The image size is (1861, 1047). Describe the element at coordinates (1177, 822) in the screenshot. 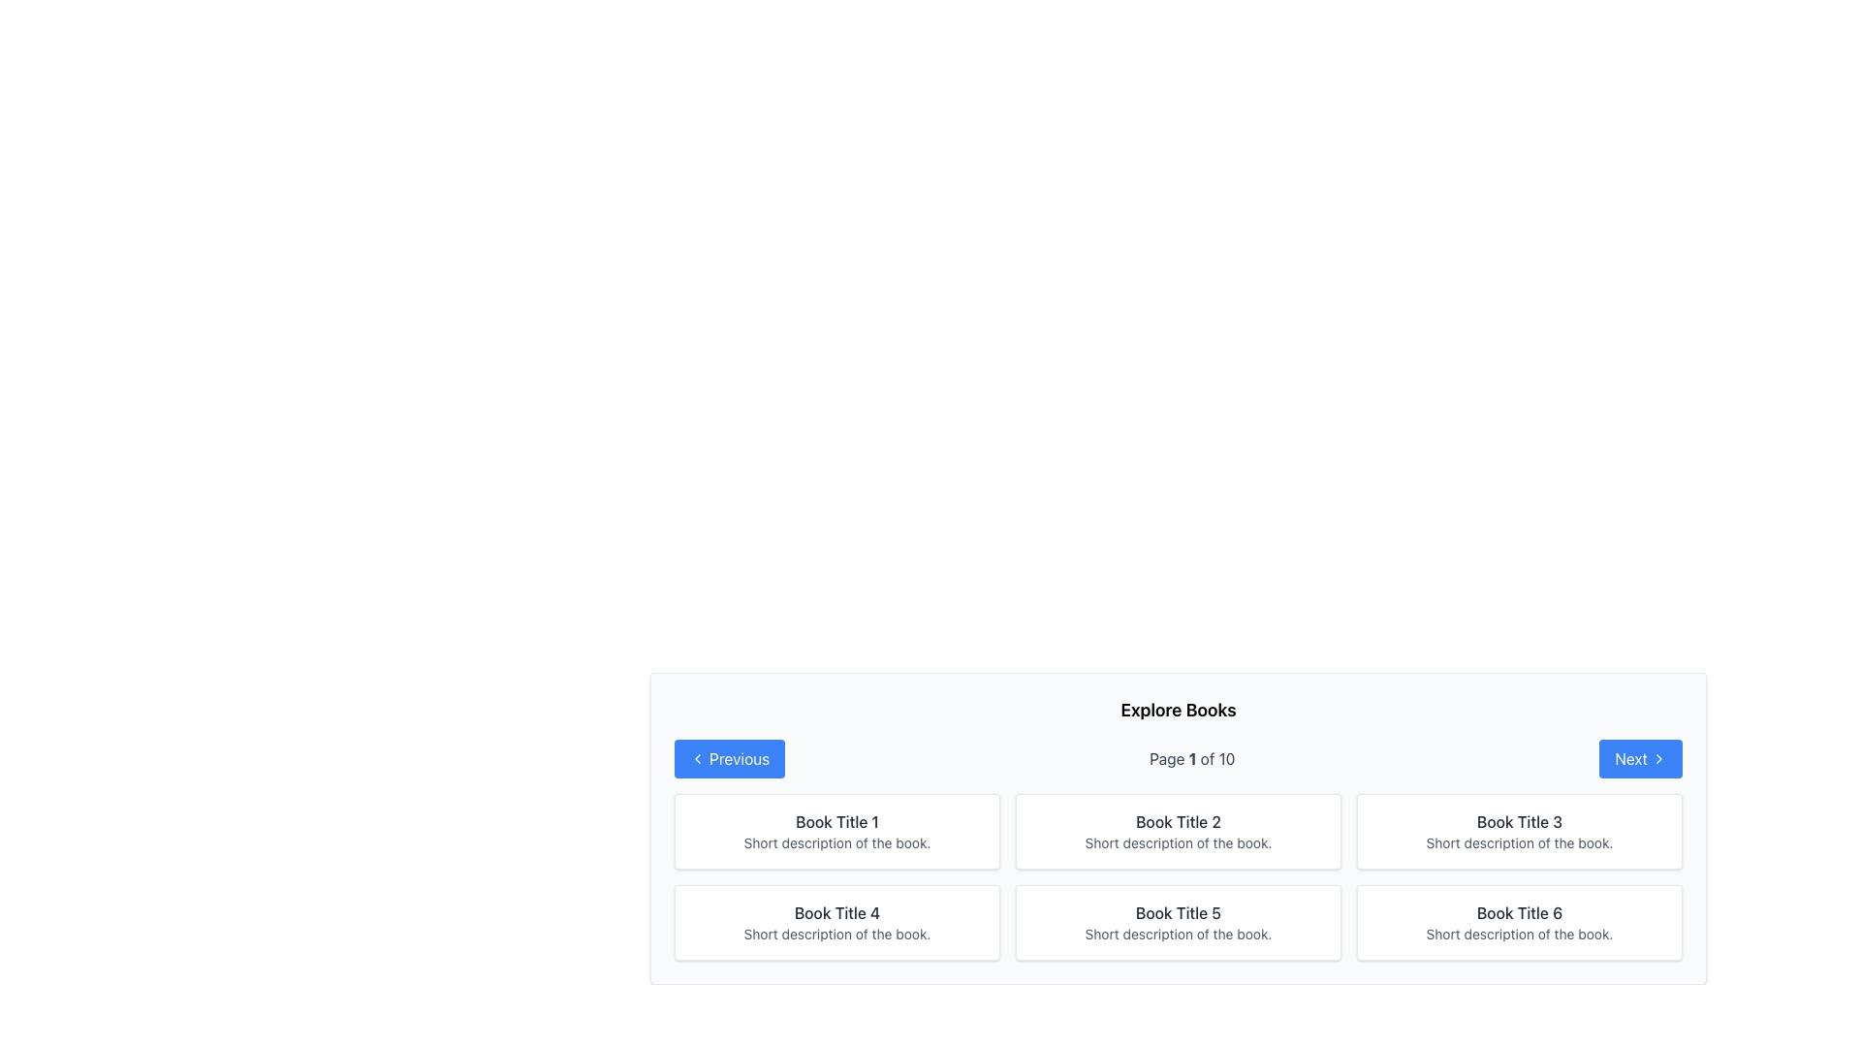

I see `the title of the second book in the first row of the grid layout, which is identified as a text label providing context for the book` at that location.